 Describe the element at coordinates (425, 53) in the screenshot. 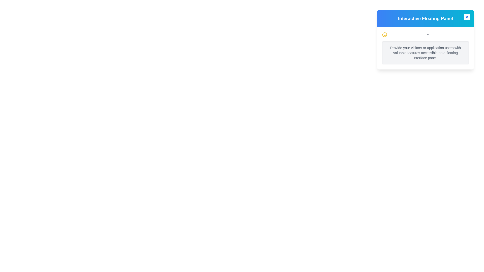

I see `the text paragraph styled in a small font size and gray color that contains the content: 'Provide your visitors or application users with valuable features accessible on a floating interface panel!'` at that location.